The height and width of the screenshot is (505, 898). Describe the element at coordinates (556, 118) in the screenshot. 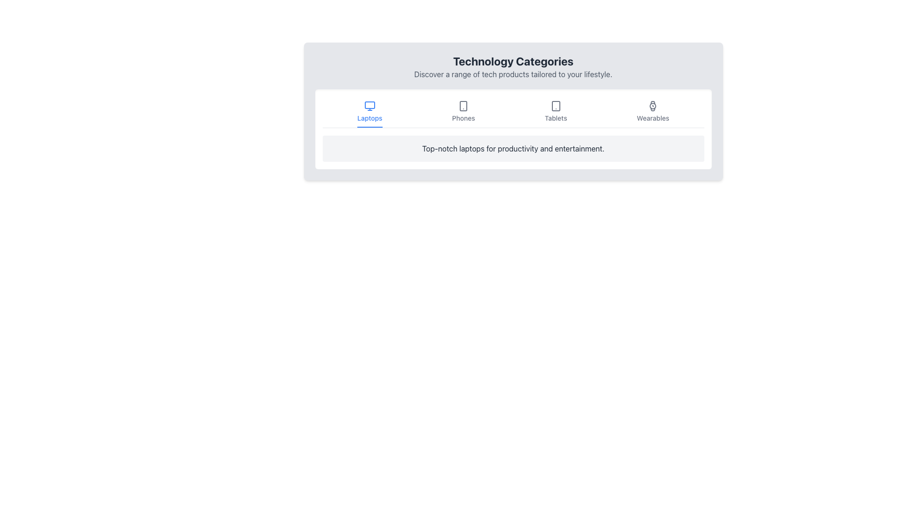

I see `the static text label displaying the word 'Tablets', which is positioned below the tablet icon in the technology category selection interface` at that location.